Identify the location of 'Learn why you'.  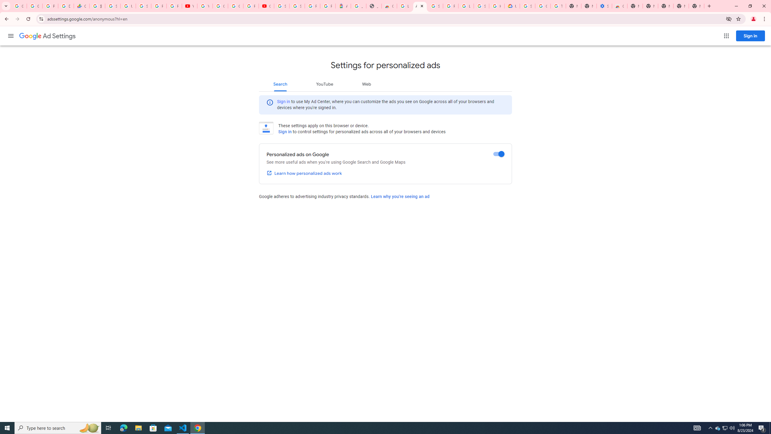
(400, 196).